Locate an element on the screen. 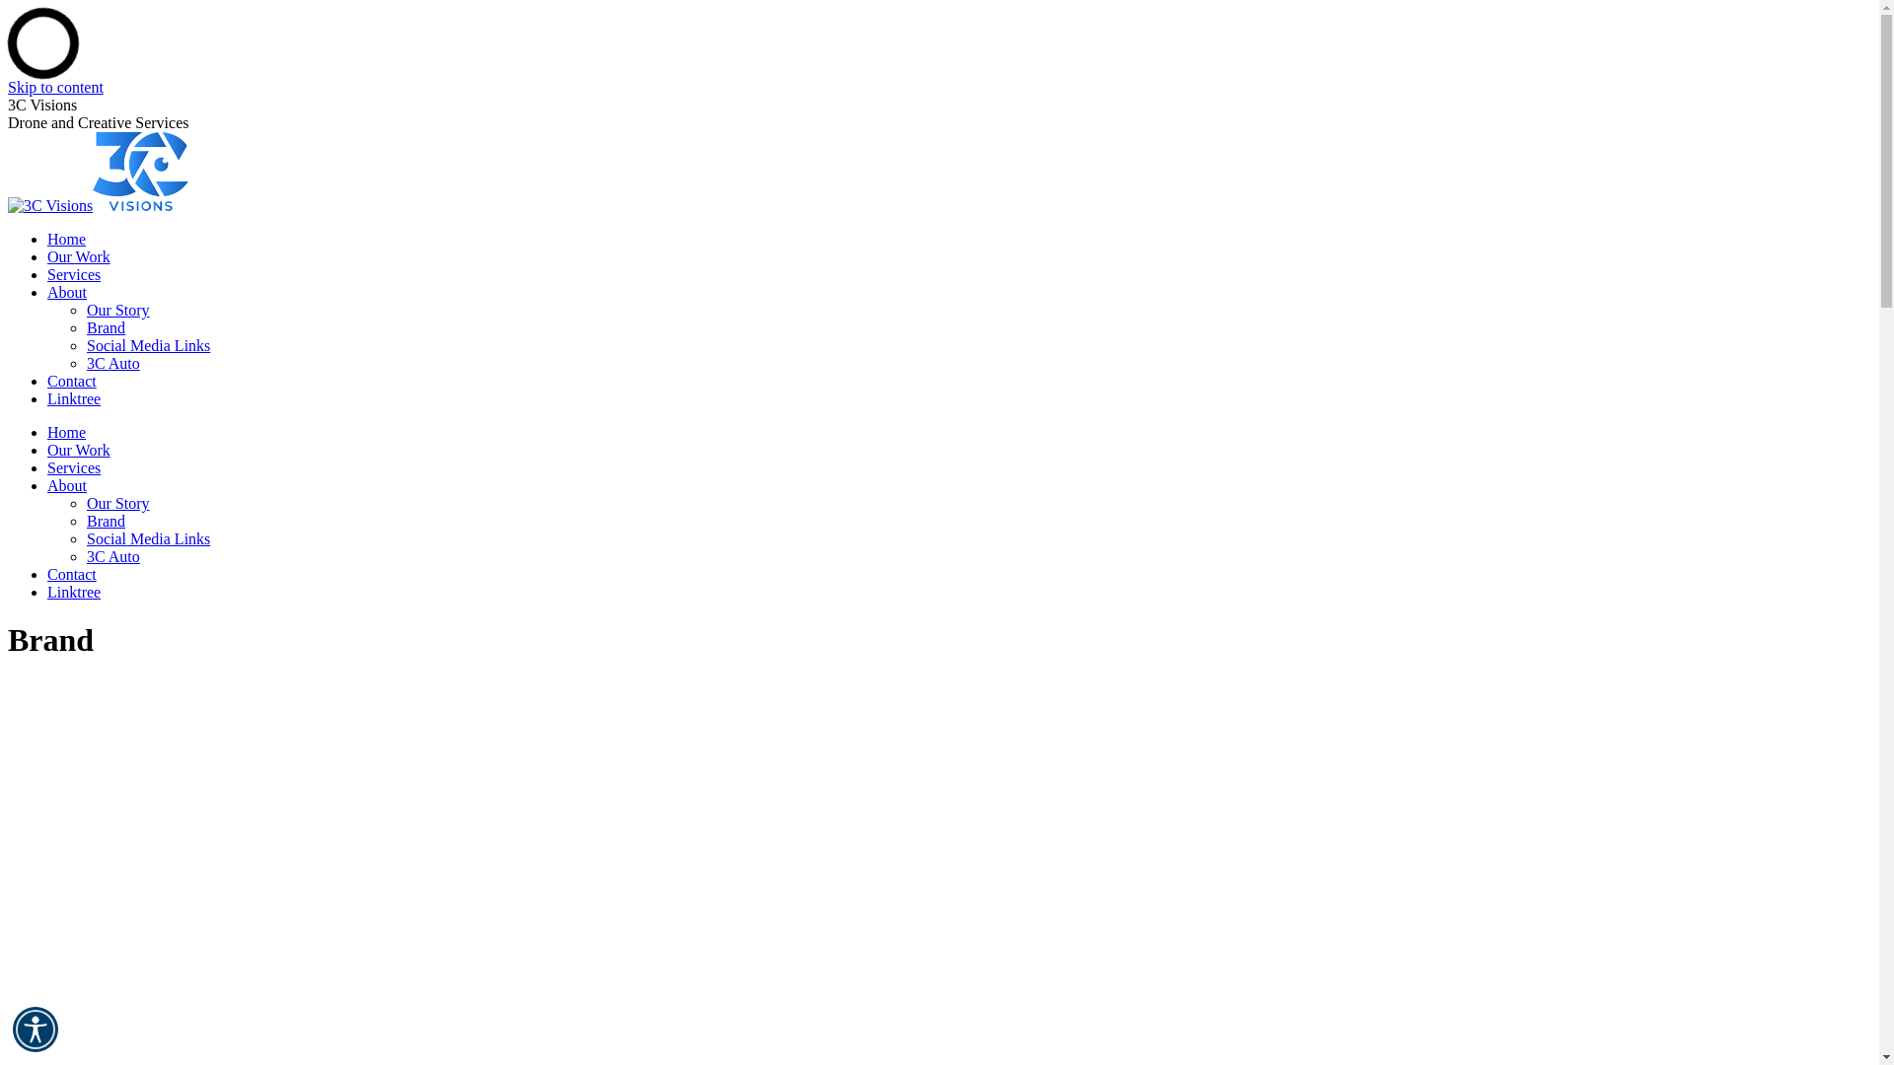 The width and height of the screenshot is (1894, 1065). 'Brand' is located at coordinates (105, 520).